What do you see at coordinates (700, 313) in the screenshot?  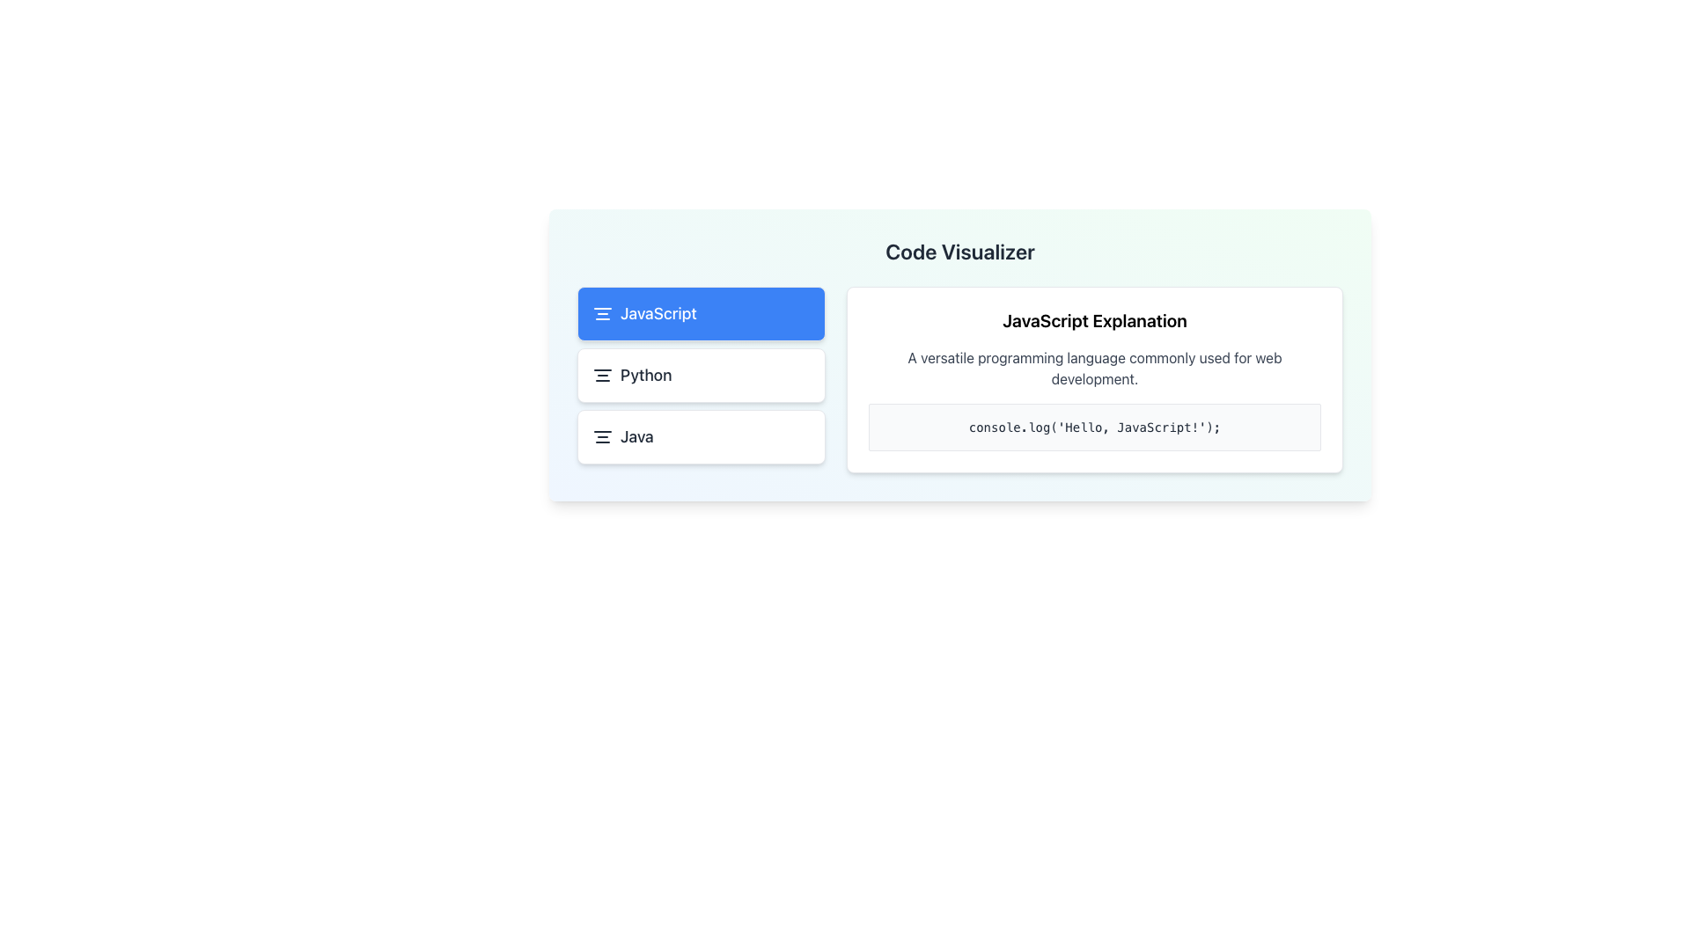 I see `the 'JavaScript' button, which is the first element in a vertically stacked group of three options (JavaScript, Python, Java) in the left panel of the interface` at bounding box center [700, 313].